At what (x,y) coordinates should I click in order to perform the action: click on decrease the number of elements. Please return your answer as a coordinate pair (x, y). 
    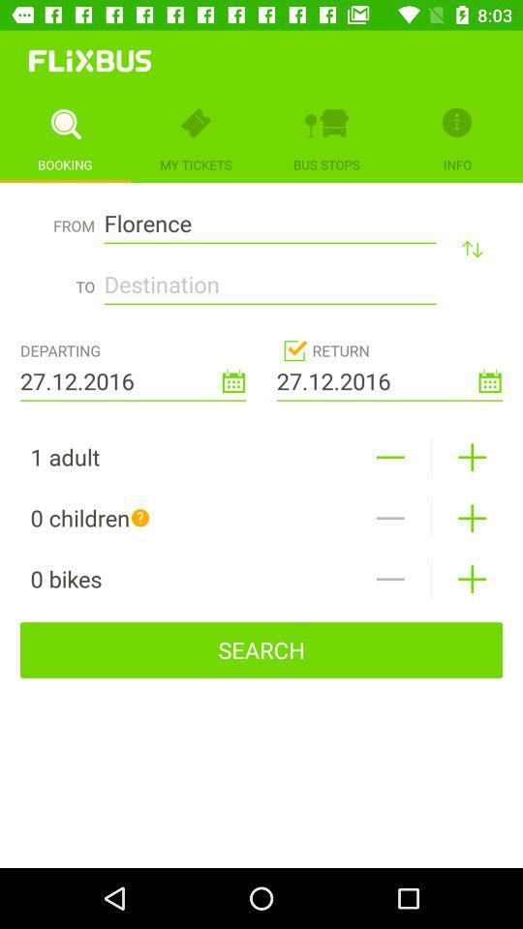
    Looking at the image, I should click on (390, 517).